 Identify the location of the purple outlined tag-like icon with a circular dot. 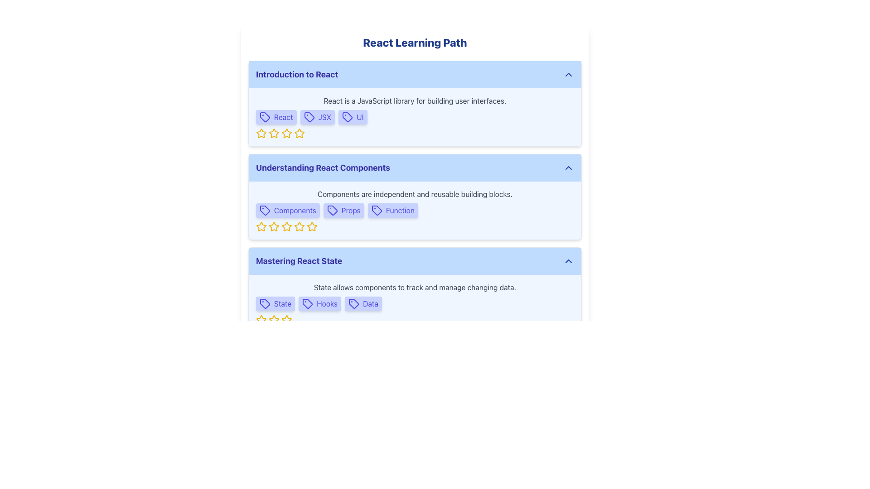
(377, 211).